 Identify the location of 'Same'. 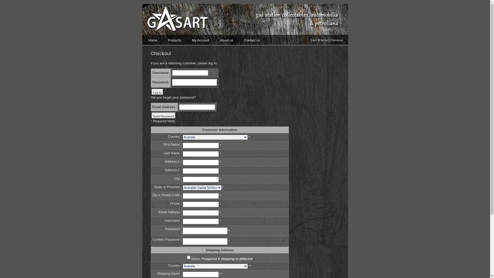
(188, 257).